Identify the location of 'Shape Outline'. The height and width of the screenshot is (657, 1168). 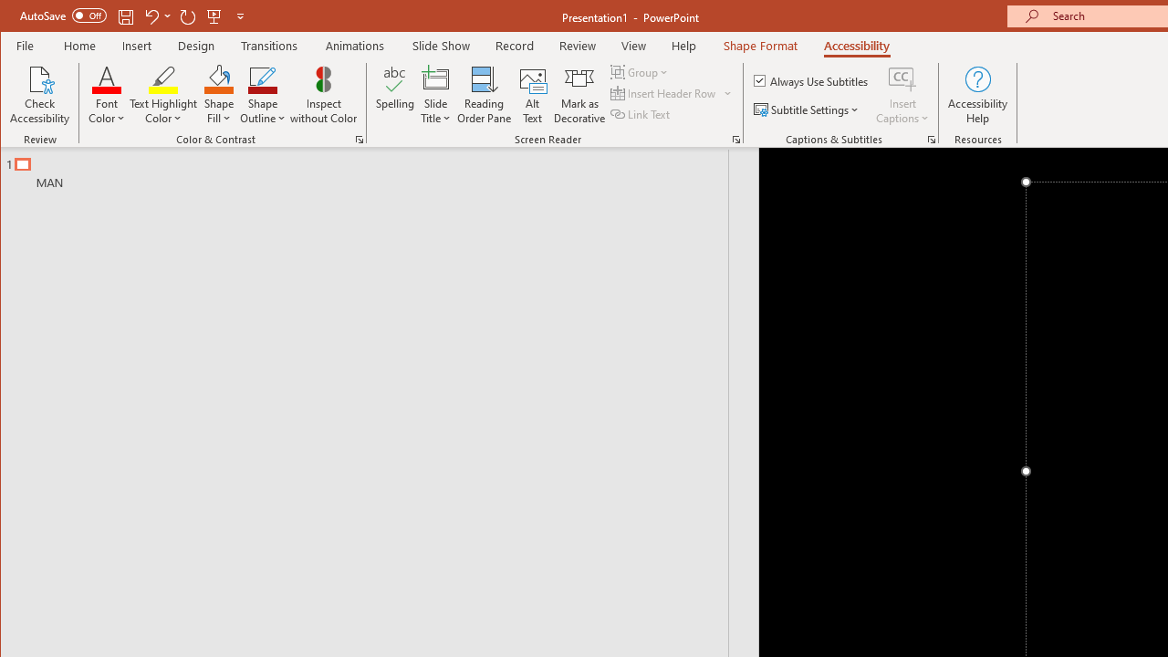
(262, 95).